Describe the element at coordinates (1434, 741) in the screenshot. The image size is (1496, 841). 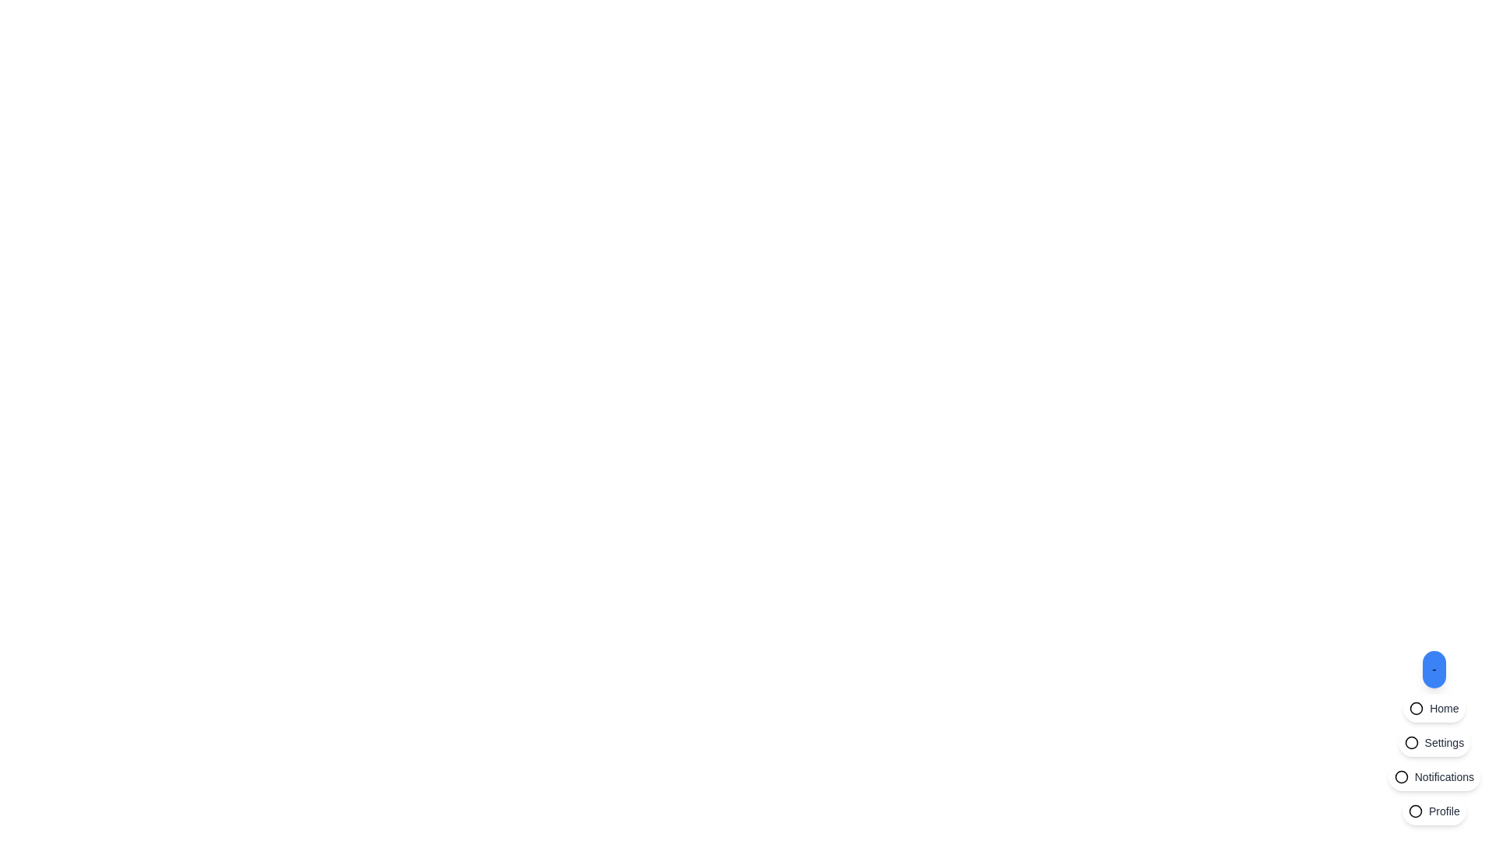
I see `the 'Settings' button, which is a horizontal pill-shaped button with a white background, located below the 'Home' button and above the 'Notifications' button` at that location.